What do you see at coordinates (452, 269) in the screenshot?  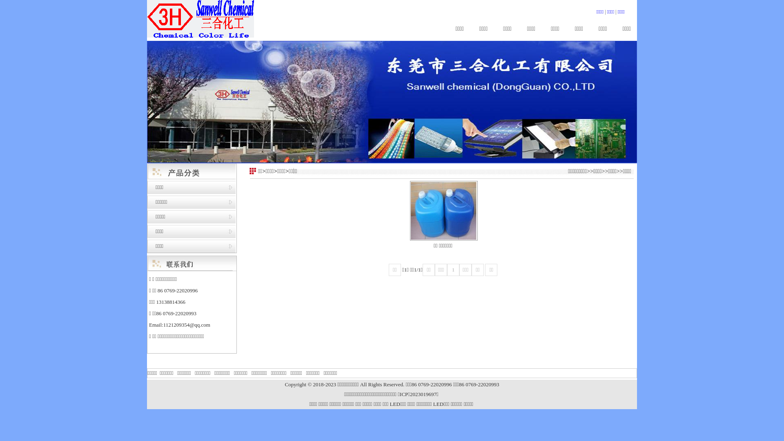 I see `'1'` at bounding box center [452, 269].